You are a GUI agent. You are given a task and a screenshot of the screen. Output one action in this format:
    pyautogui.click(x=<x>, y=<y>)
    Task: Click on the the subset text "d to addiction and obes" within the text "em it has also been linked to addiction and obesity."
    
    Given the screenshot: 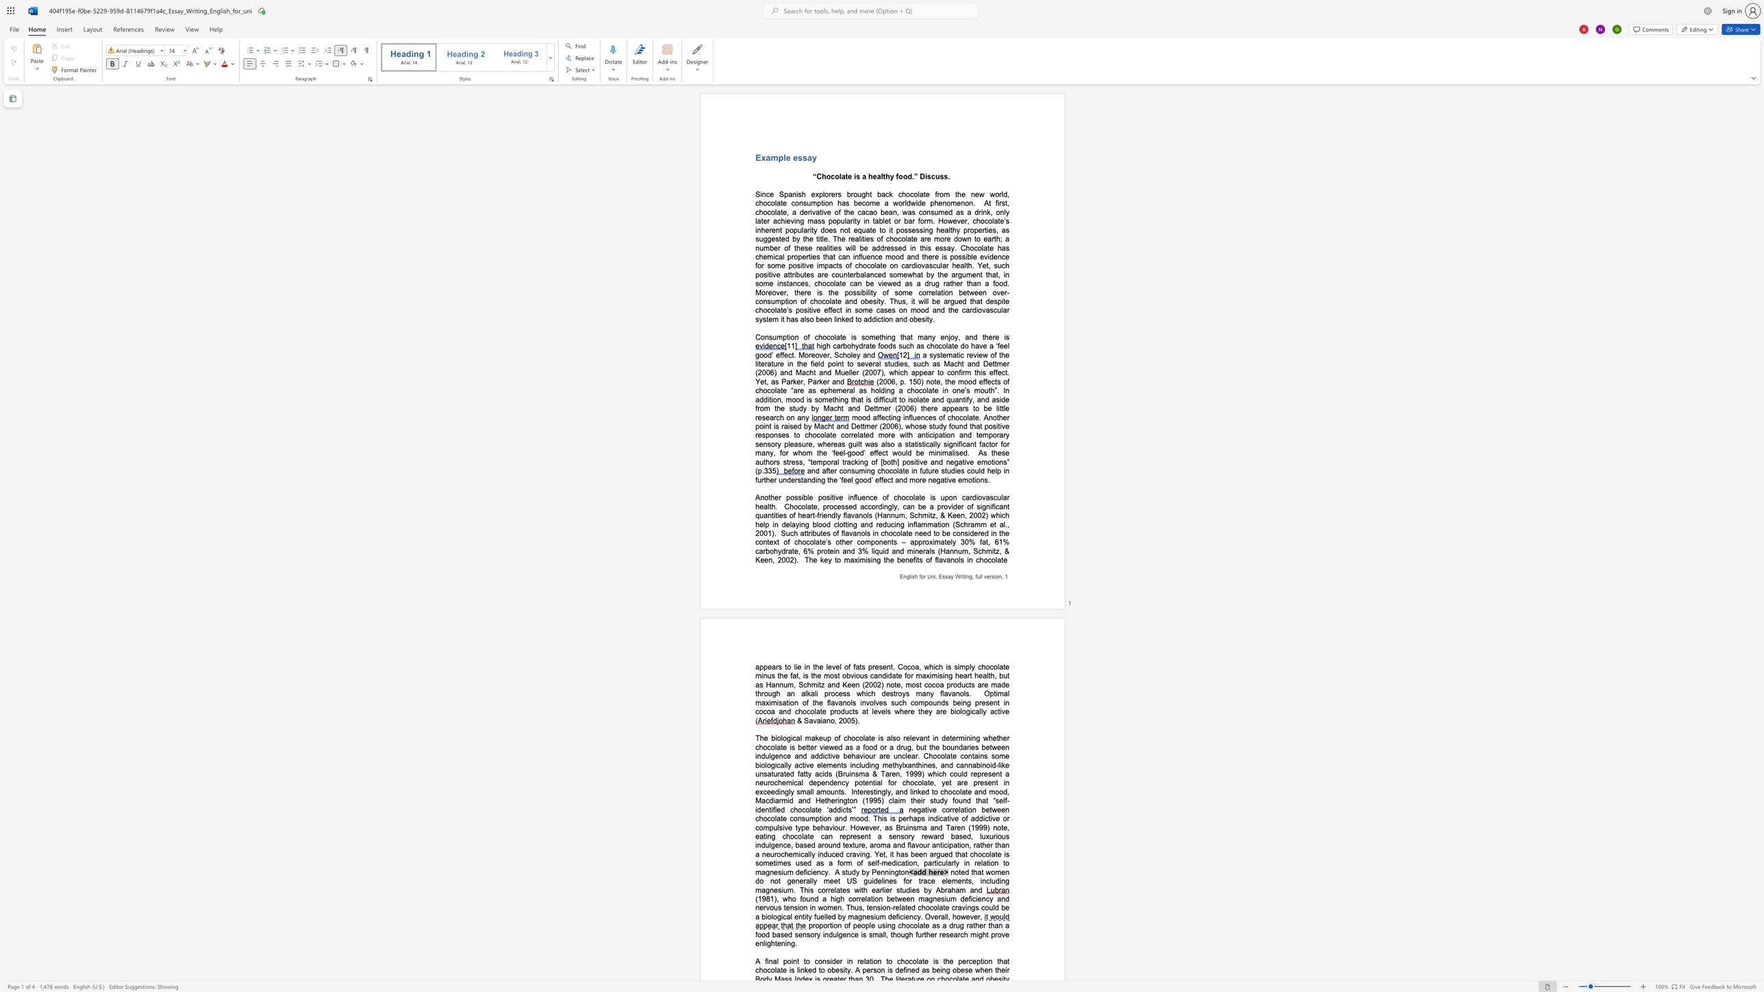 What is the action you would take?
    pyautogui.click(x=848, y=319)
    